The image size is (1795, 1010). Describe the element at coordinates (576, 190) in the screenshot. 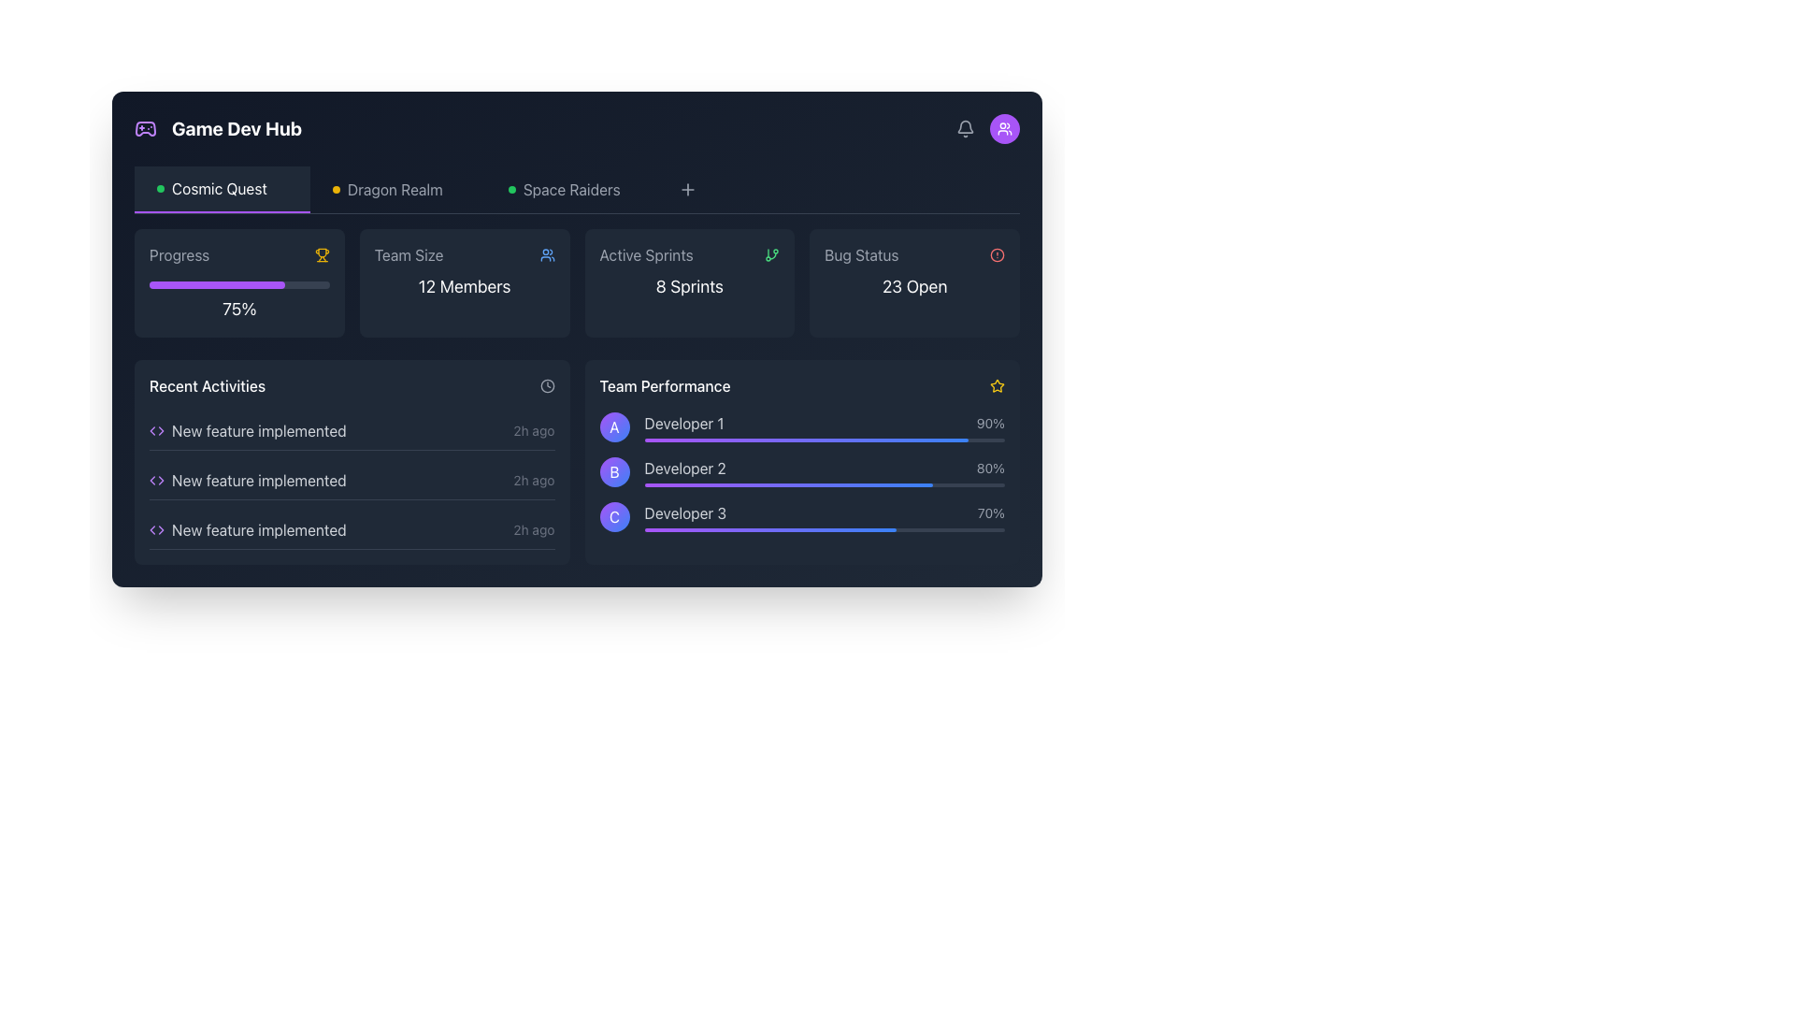

I see `the 'Cosmic Quest' item in the navigation menu` at that location.